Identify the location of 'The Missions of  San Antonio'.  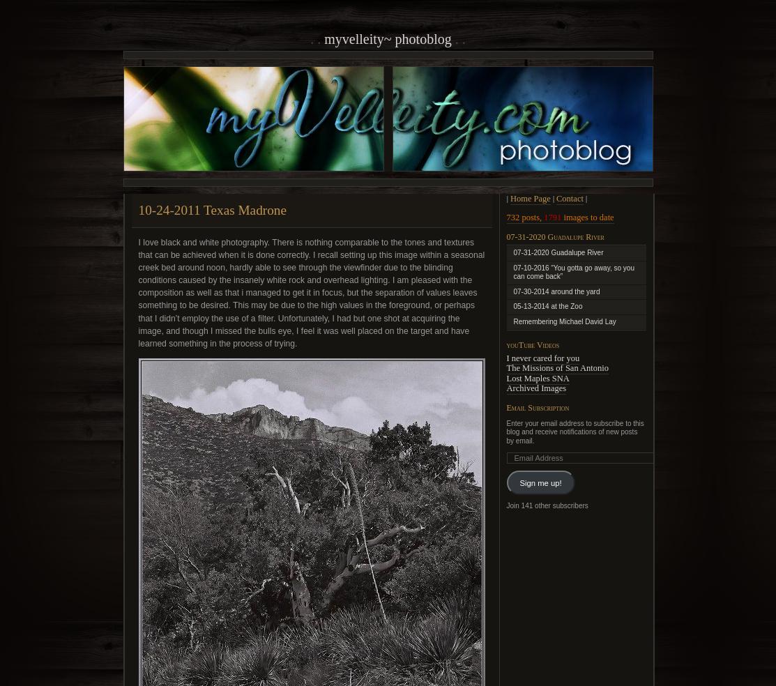
(557, 367).